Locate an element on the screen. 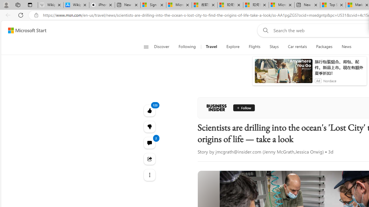 This screenshot has width=369, height=207. 'anim-content' is located at coordinates (283, 73).